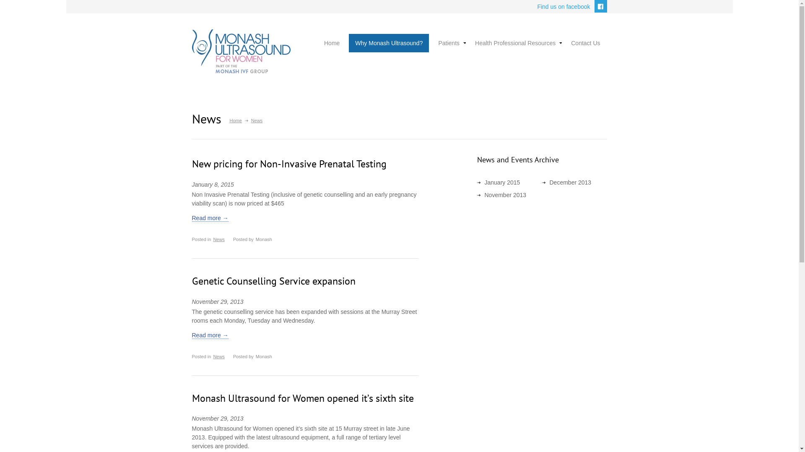 Image resolution: width=805 pixels, height=452 pixels. Describe the element at coordinates (570, 182) in the screenshot. I see `'December 2013'` at that location.